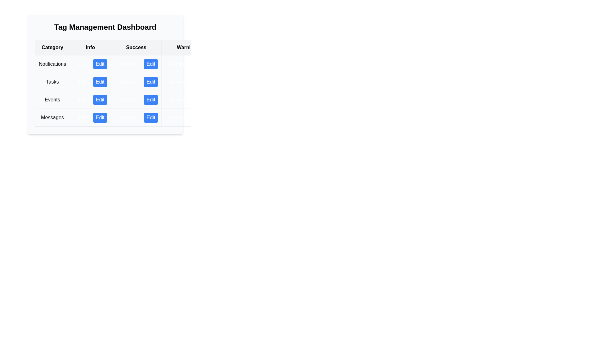 The height and width of the screenshot is (338, 601). Describe the element at coordinates (145, 82) in the screenshot. I see `the edit button located in the 'Tasks' row of the table within the 'Success' column` at that location.